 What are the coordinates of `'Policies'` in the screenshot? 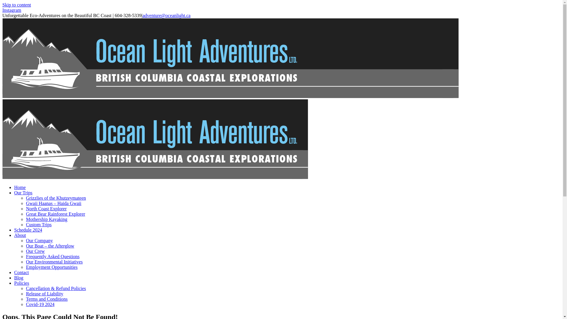 It's located at (14, 283).